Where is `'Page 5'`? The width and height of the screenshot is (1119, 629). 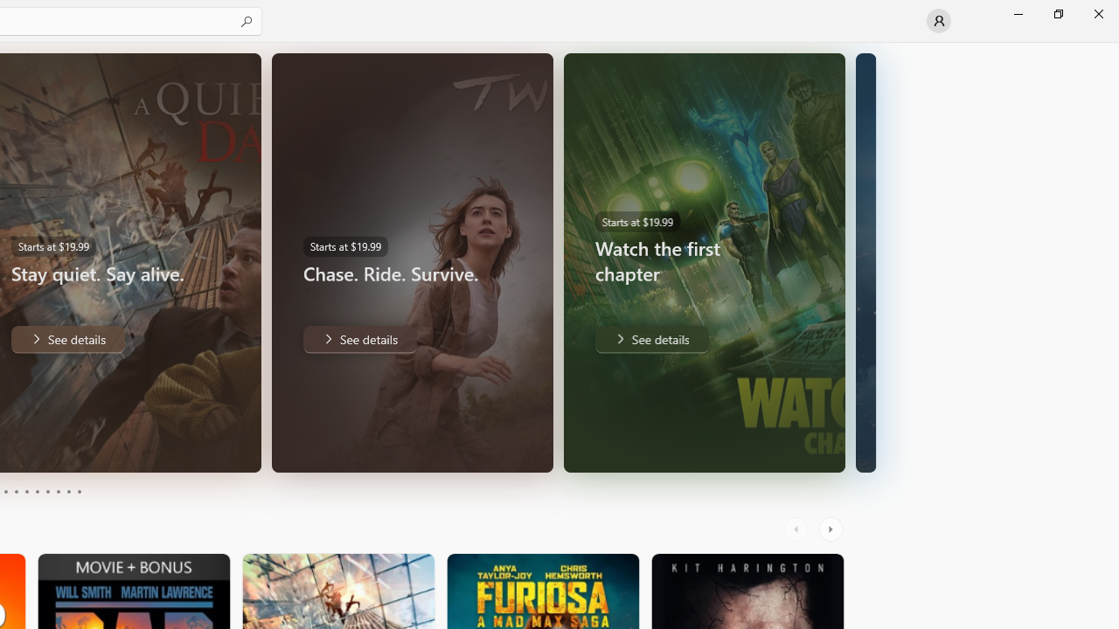
'Page 5' is located at coordinates (26, 492).